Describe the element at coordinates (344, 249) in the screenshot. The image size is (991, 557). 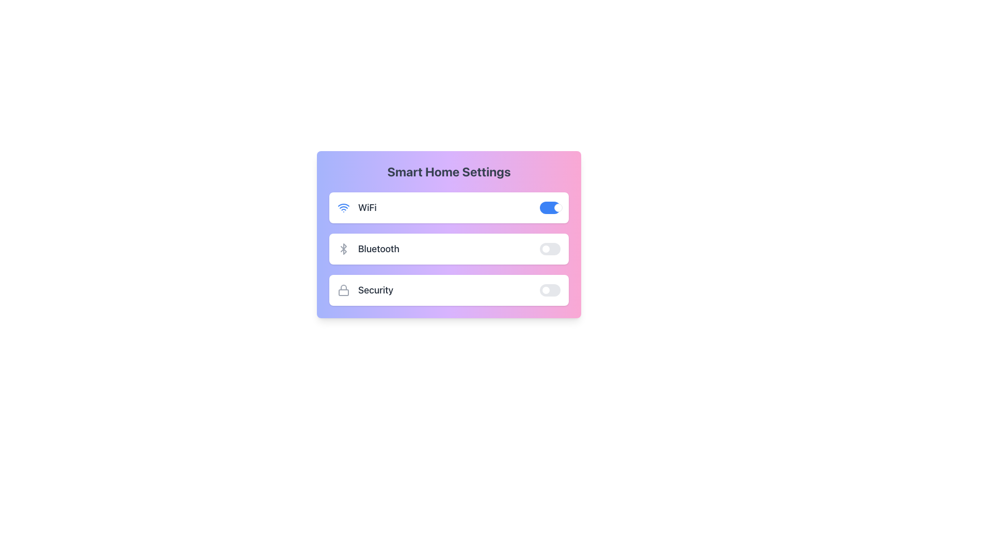
I see `the Bluetooth icon located in the middle row of the Smart Home Settings interface, which visually denotes the Bluetooth option` at that location.